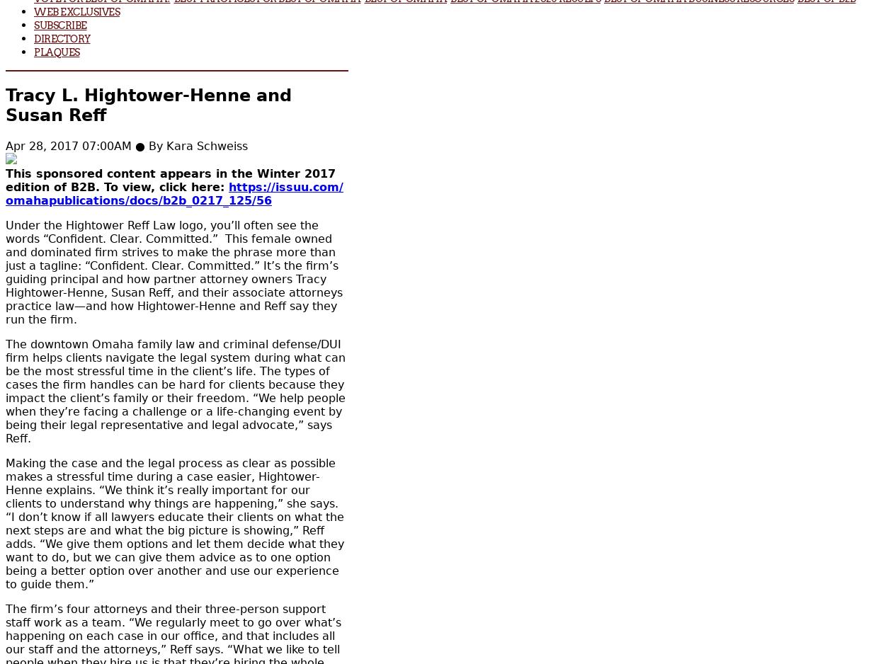  What do you see at coordinates (285, 185) in the screenshot?
I see `'https://issuu.com/'` at bounding box center [285, 185].